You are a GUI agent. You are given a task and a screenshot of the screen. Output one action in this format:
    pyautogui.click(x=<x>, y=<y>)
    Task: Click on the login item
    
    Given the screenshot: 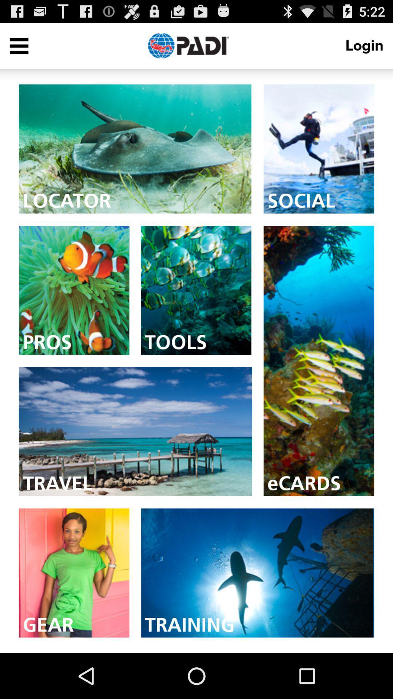 What is the action you would take?
    pyautogui.click(x=366, y=45)
    